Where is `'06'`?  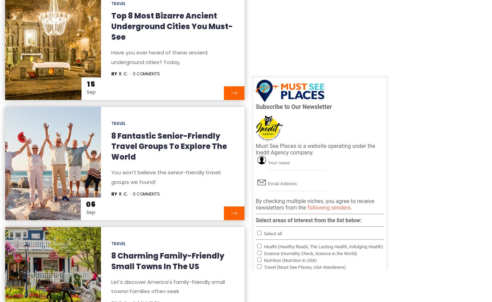
'06' is located at coordinates (90, 204).